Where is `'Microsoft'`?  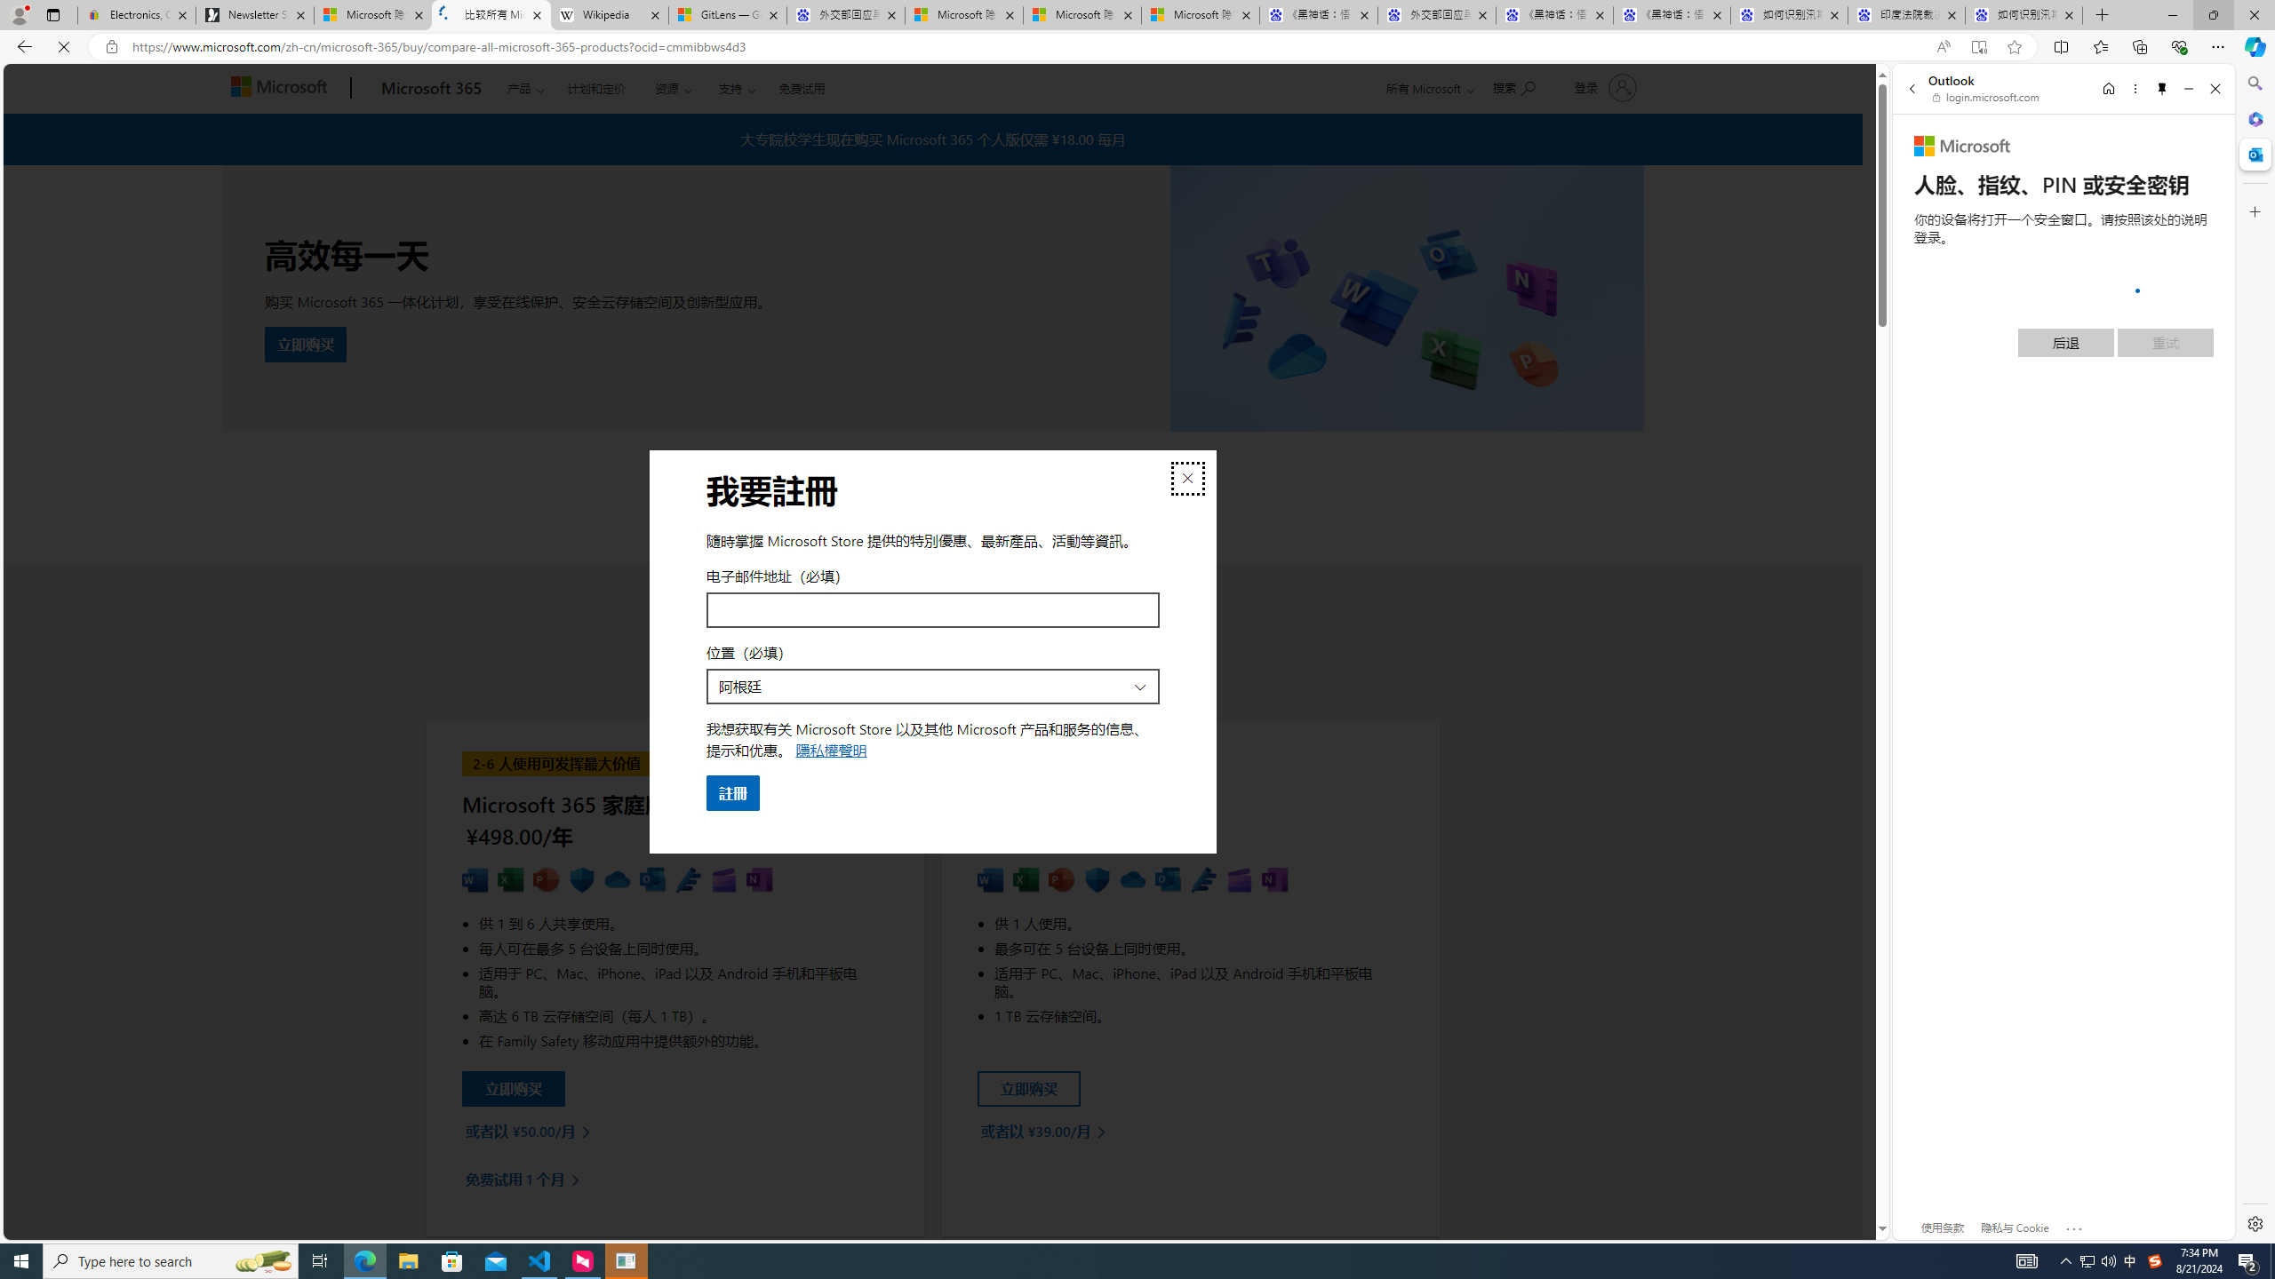
'Microsoft' is located at coordinates (1962, 146).